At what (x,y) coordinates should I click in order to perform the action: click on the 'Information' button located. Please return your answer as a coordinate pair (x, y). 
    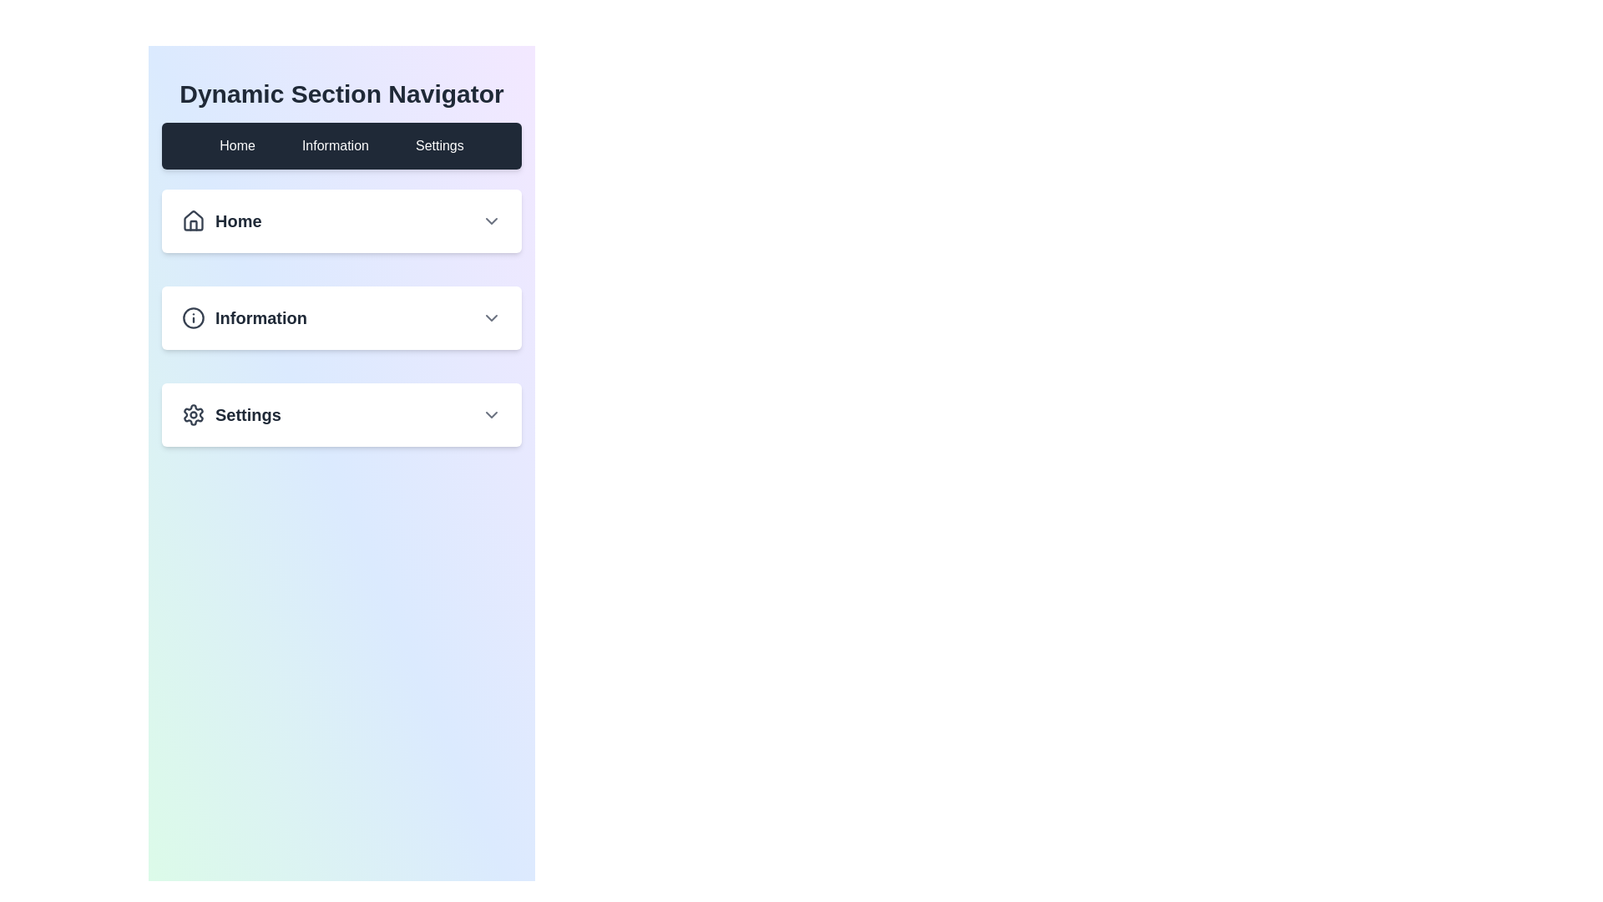
    Looking at the image, I should click on (334, 144).